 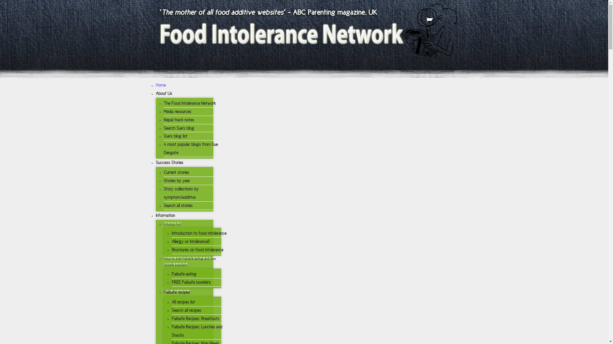 What do you see at coordinates (156, 93) in the screenshot?
I see `'About Us'` at bounding box center [156, 93].